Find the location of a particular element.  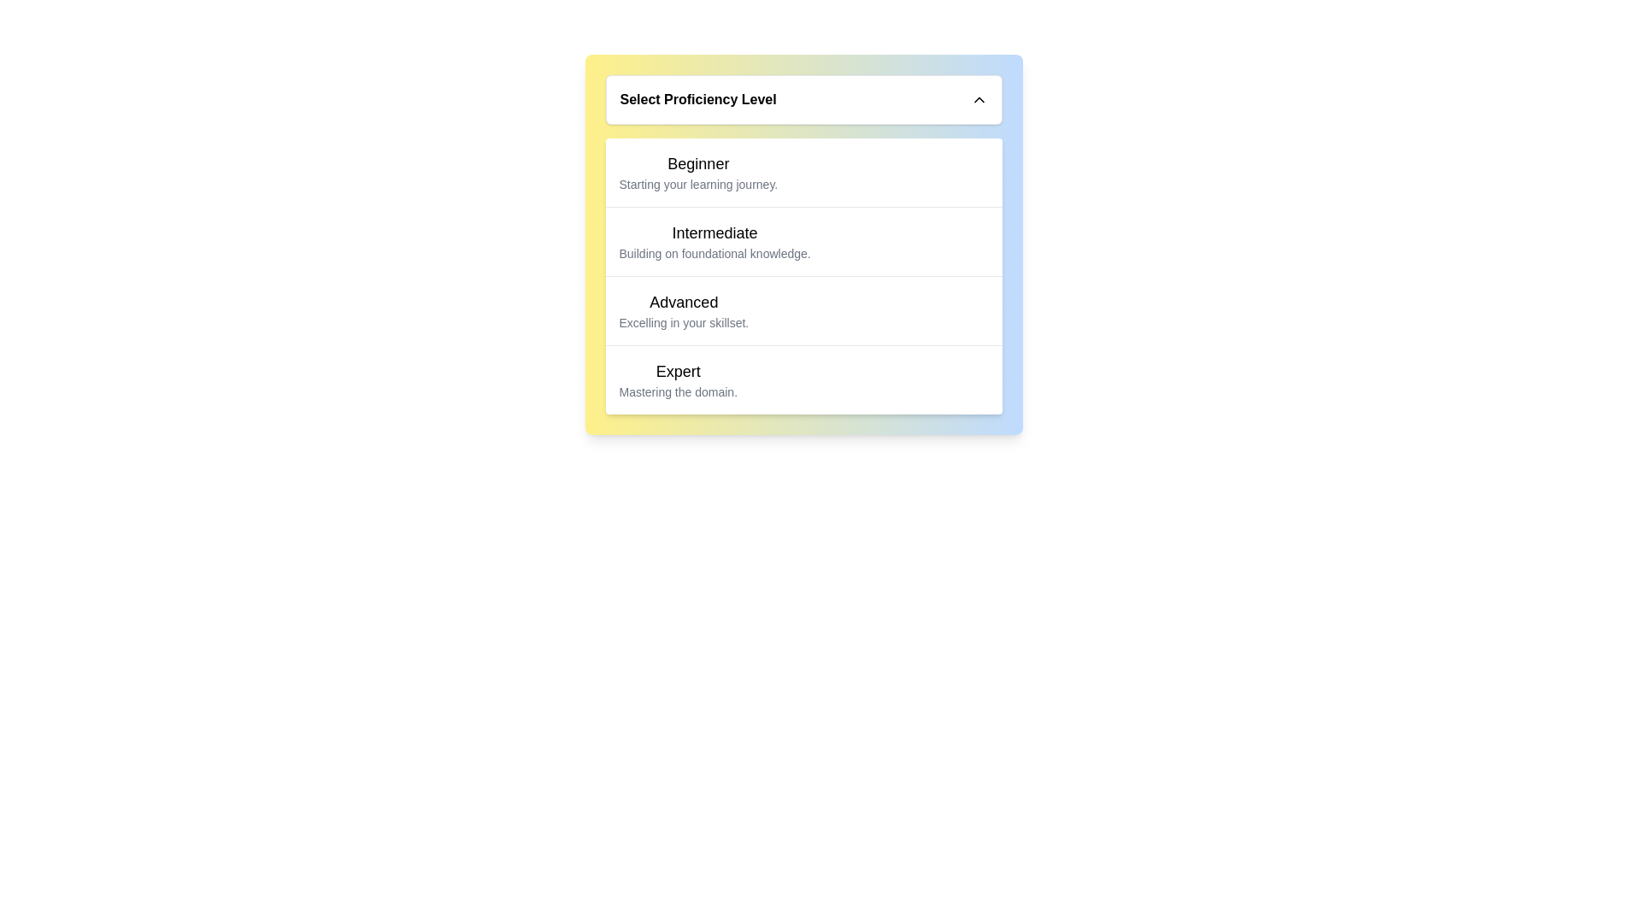

the 'Expert' text block within the interactive list under the 'Select Proficiency Level' dropdown is located at coordinates (803, 379).